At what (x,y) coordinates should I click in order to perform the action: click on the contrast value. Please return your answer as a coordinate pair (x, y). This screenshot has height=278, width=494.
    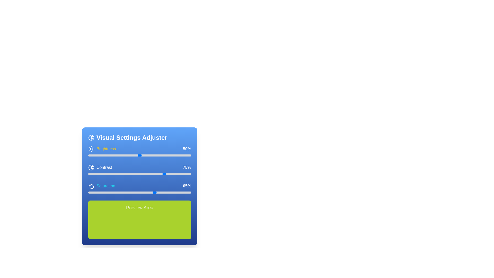
    Looking at the image, I should click on (167, 174).